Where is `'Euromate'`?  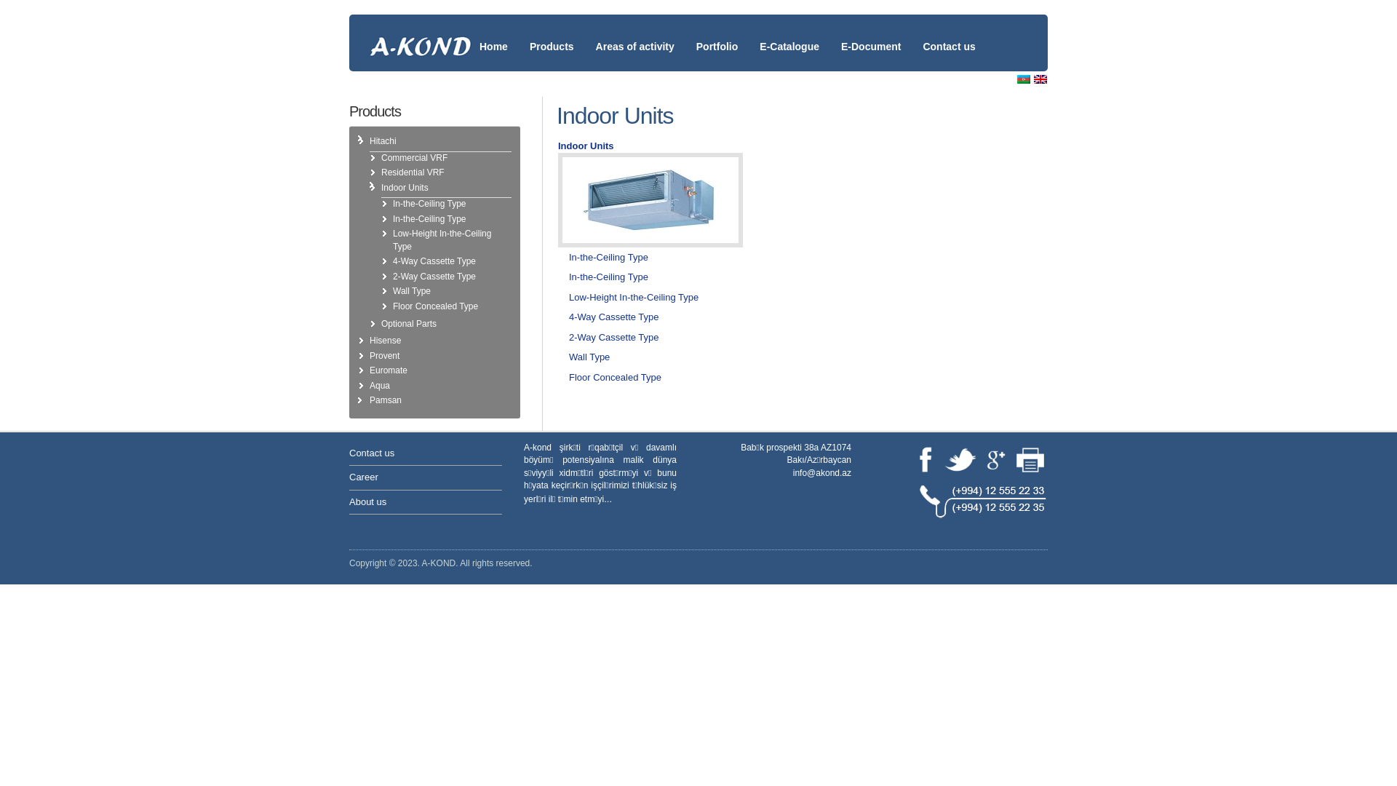
'Euromate' is located at coordinates (388, 370).